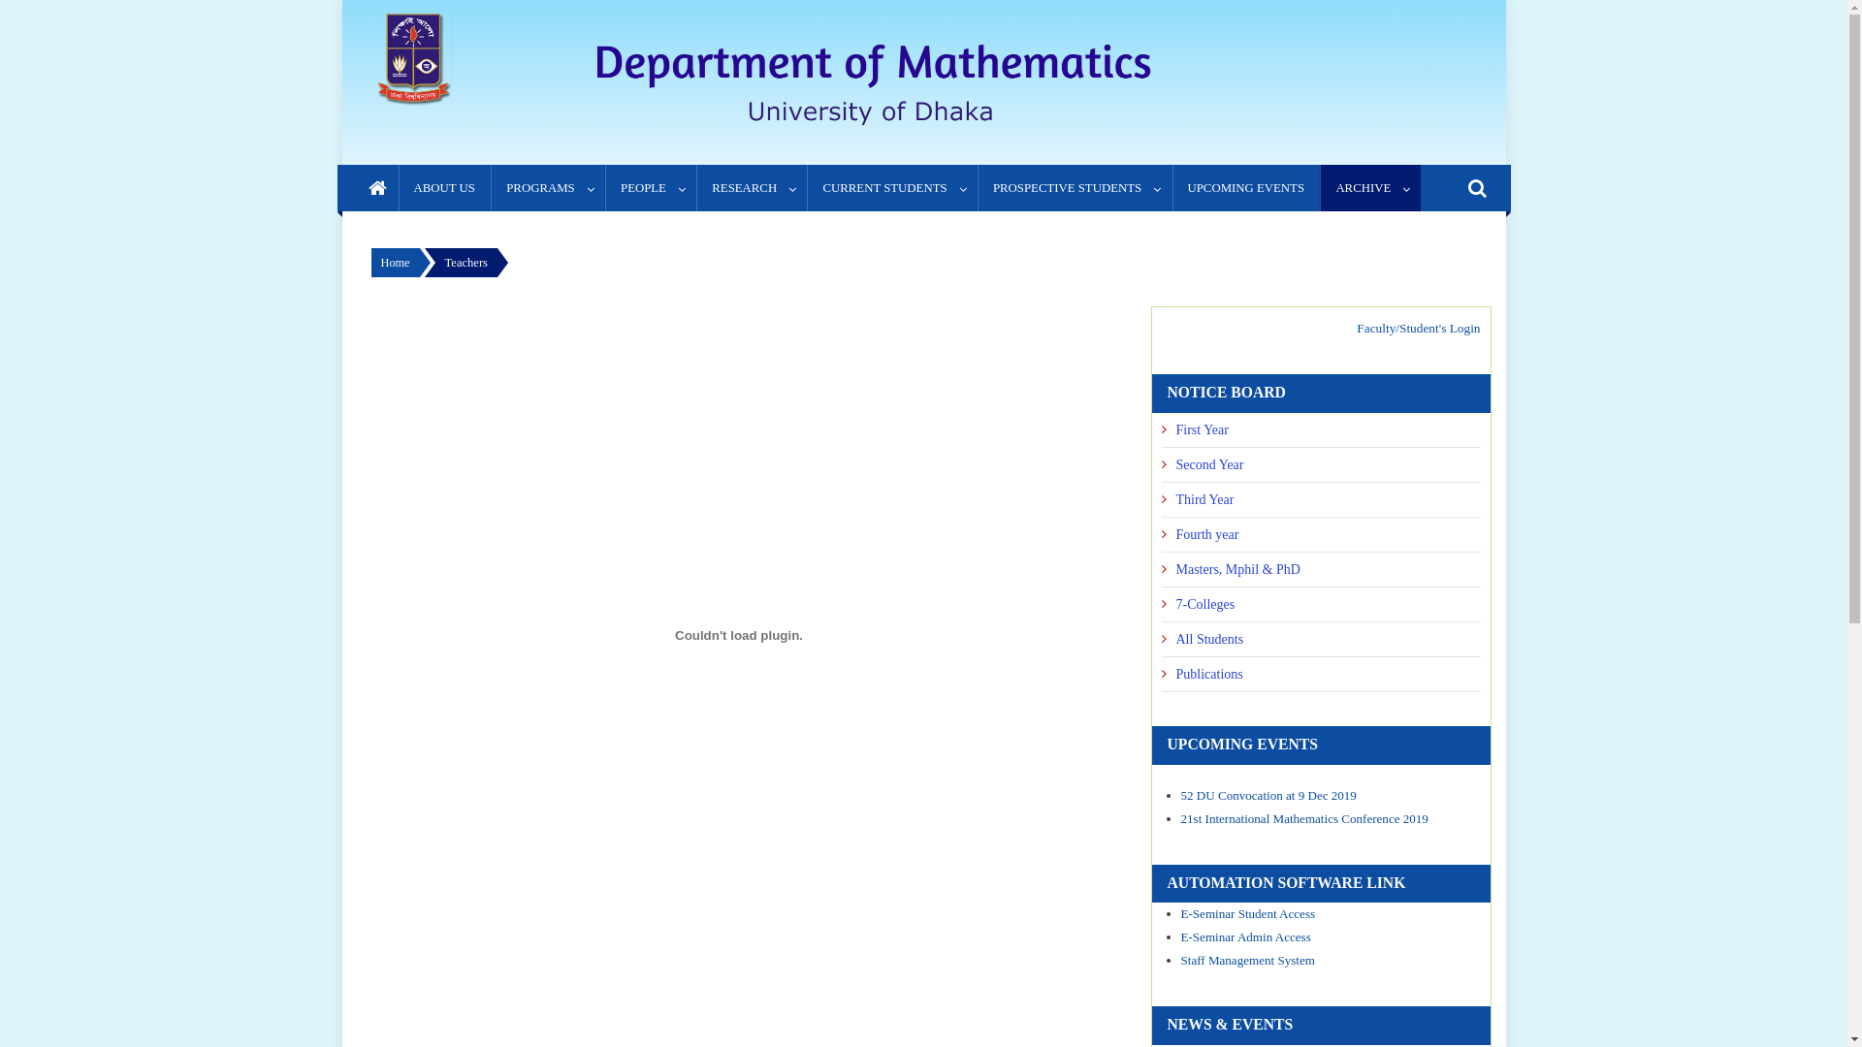  Describe the element at coordinates (1268, 795) in the screenshot. I see `'52 DU Convocation at 9 Dec 2019'` at that location.